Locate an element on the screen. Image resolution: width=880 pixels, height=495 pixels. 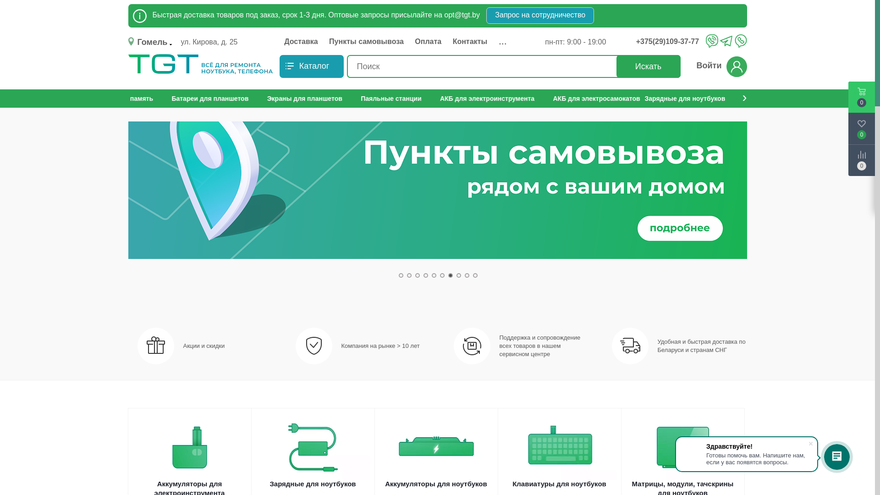
'whatsapp' is located at coordinates (740, 40).